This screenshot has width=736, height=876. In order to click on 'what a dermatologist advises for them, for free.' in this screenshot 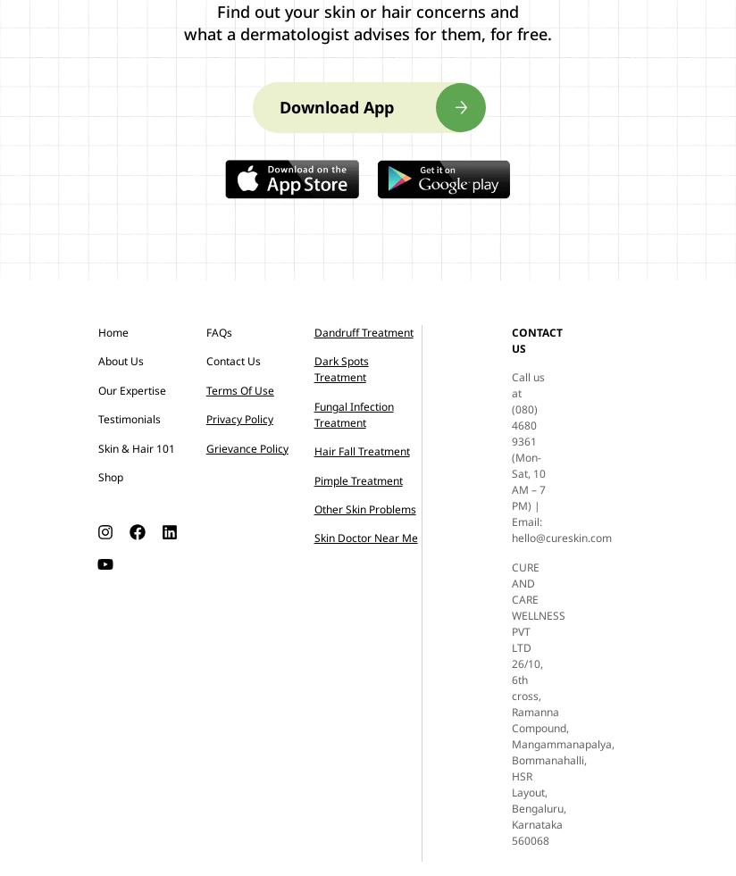, I will do `click(368, 31)`.